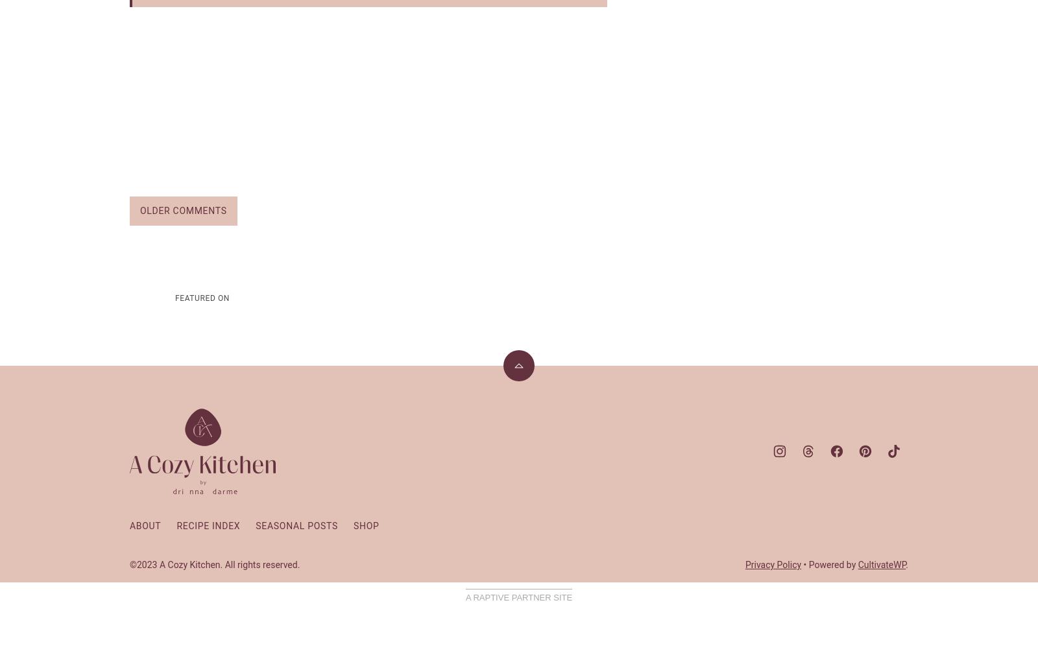  Describe the element at coordinates (129, 526) in the screenshot. I see `'About'` at that location.